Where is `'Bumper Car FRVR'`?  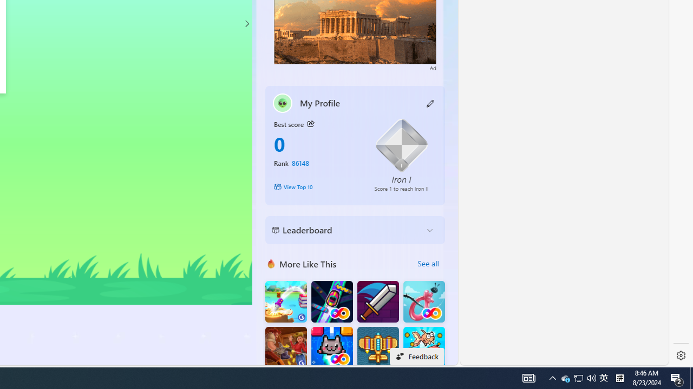
'Bumper Car FRVR' is located at coordinates (331, 301).